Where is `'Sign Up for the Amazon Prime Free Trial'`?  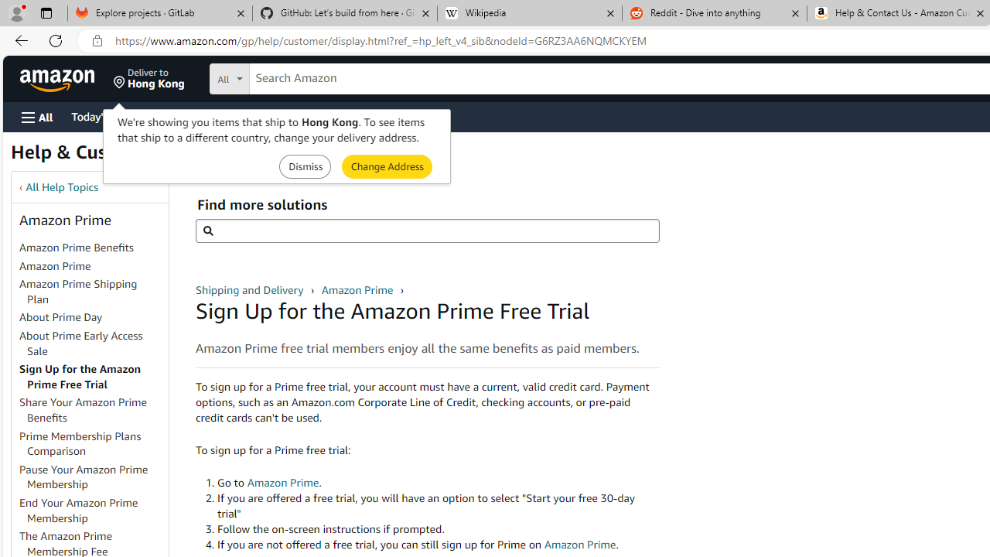 'Sign Up for the Amazon Prime Free Trial' is located at coordinates (92, 378).